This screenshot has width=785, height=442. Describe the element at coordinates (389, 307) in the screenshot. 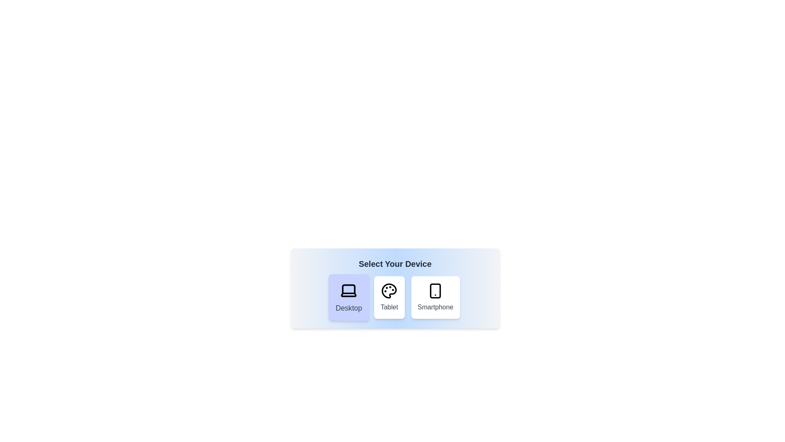

I see `the text label reading 'Tablet', which is styled with a medium font weight and gray color, located below a palette icon within the central card of device selection options` at that location.